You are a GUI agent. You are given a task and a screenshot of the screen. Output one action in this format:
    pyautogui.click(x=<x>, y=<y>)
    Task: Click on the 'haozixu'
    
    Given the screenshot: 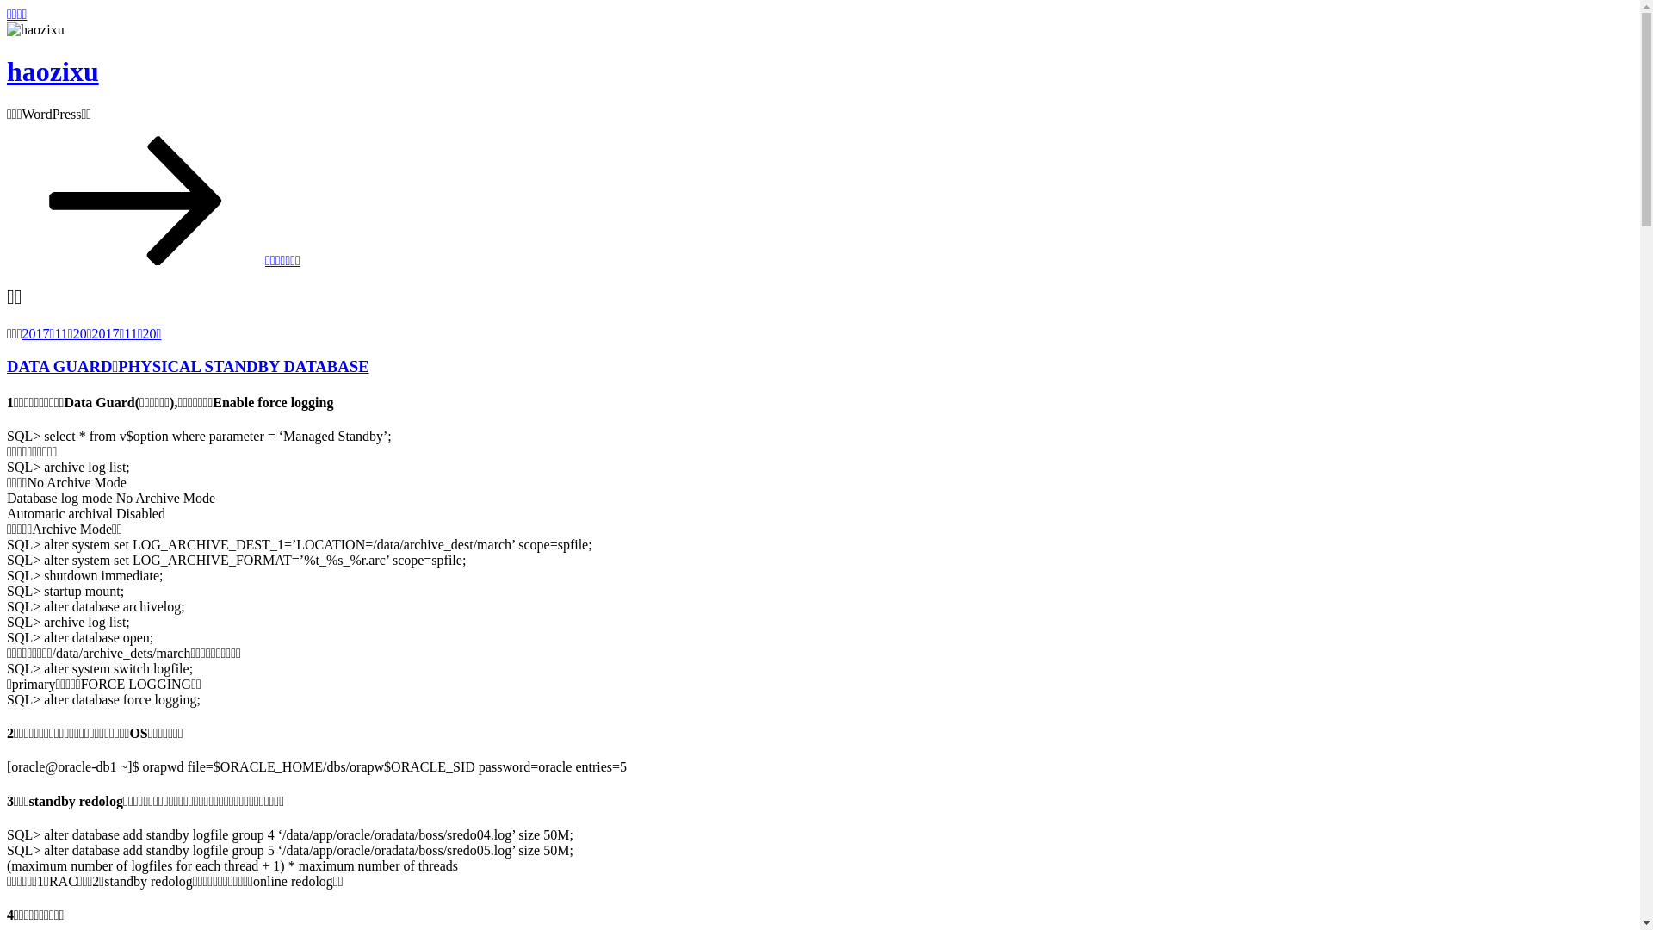 What is the action you would take?
    pyautogui.click(x=53, y=71)
    